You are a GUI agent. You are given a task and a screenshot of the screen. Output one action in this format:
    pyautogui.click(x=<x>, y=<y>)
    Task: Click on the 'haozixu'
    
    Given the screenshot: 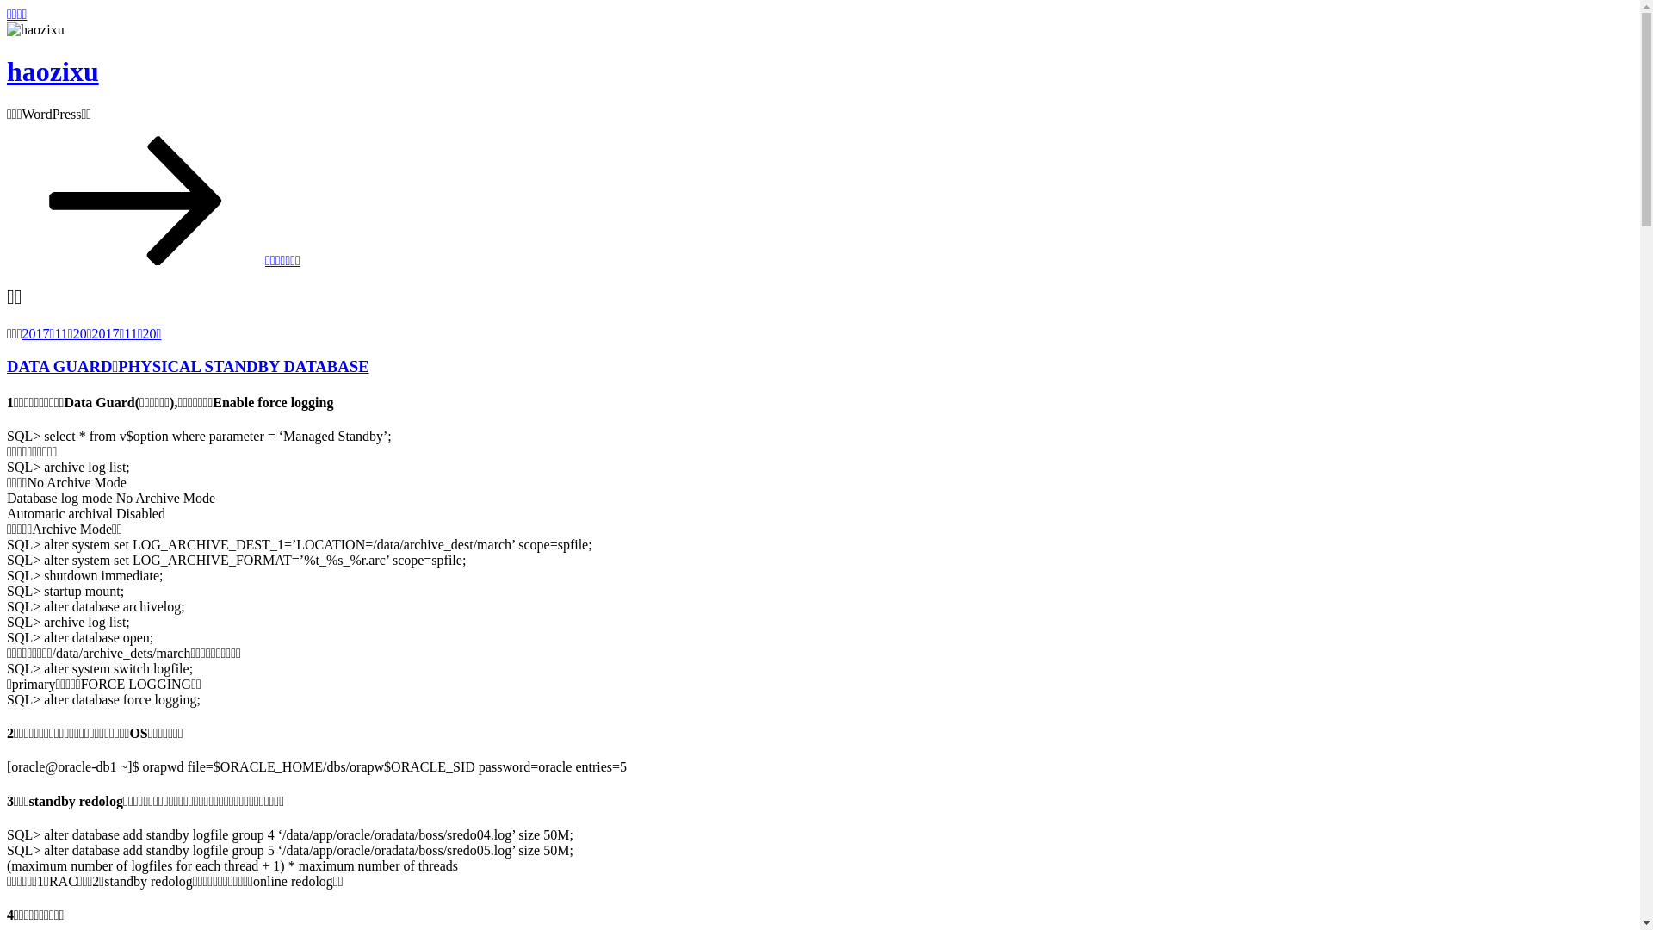 What is the action you would take?
    pyautogui.click(x=53, y=71)
    